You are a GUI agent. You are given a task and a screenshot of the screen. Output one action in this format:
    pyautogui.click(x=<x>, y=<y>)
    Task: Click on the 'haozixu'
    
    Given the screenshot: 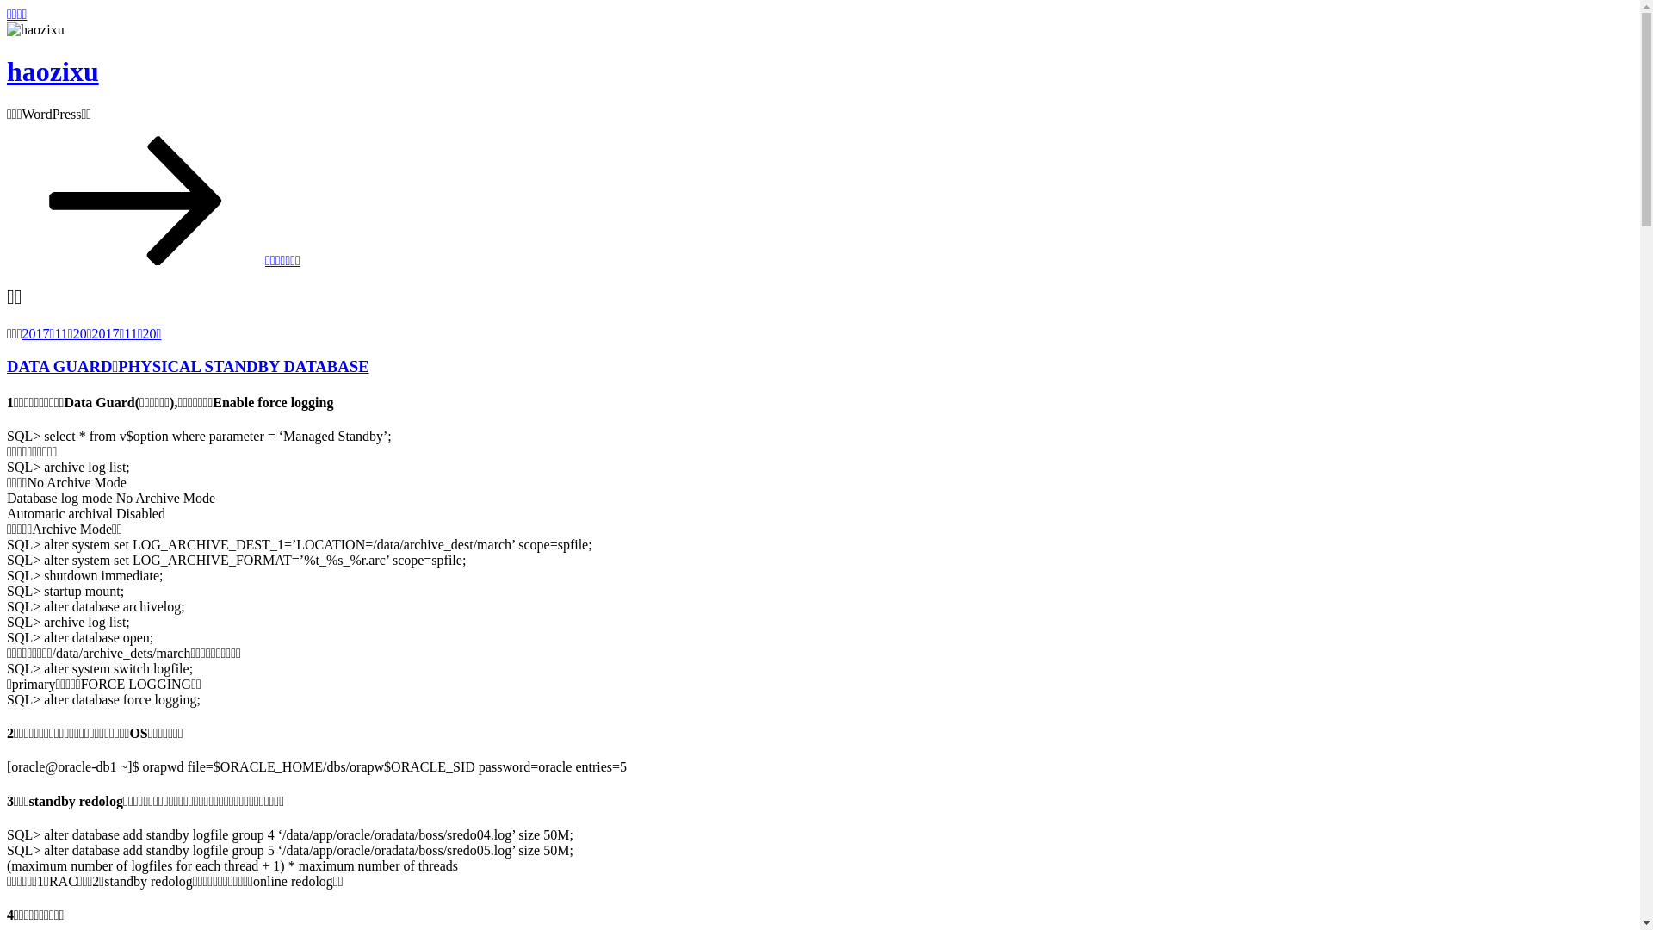 What is the action you would take?
    pyautogui.click(x=53, y=71)
    